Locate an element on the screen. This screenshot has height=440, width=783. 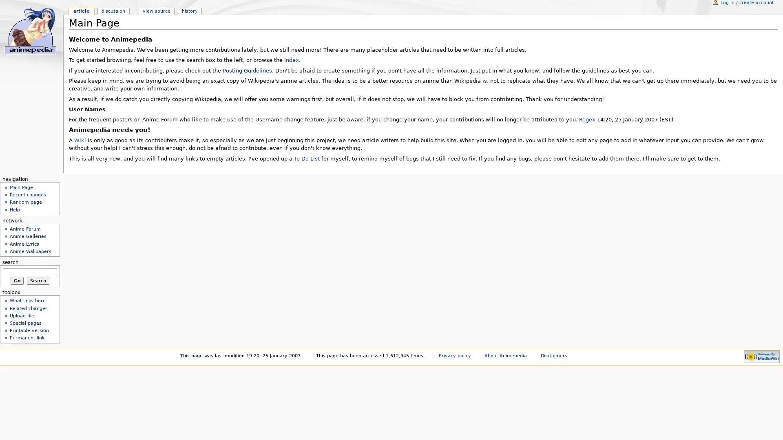
Search is located at coordinates (38, 279).